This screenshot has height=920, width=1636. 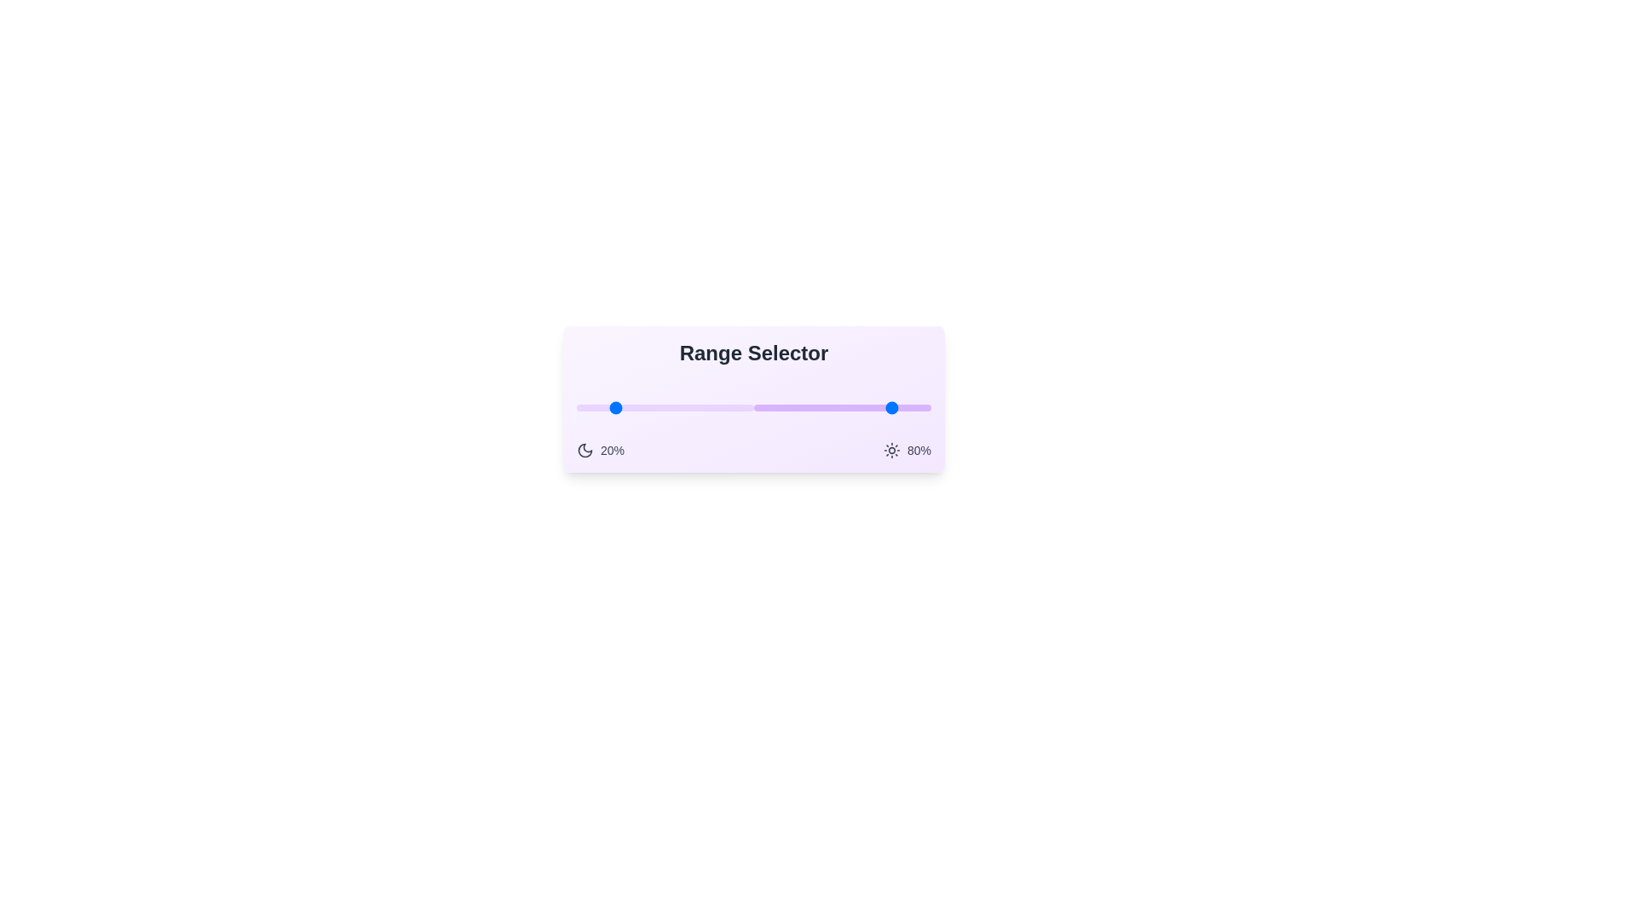 What do you see at coordinates (627, 407) in the screenshot?
I see `the lower bound of the range to 29% by dragging the left slider` at bounding box center [627, 407].